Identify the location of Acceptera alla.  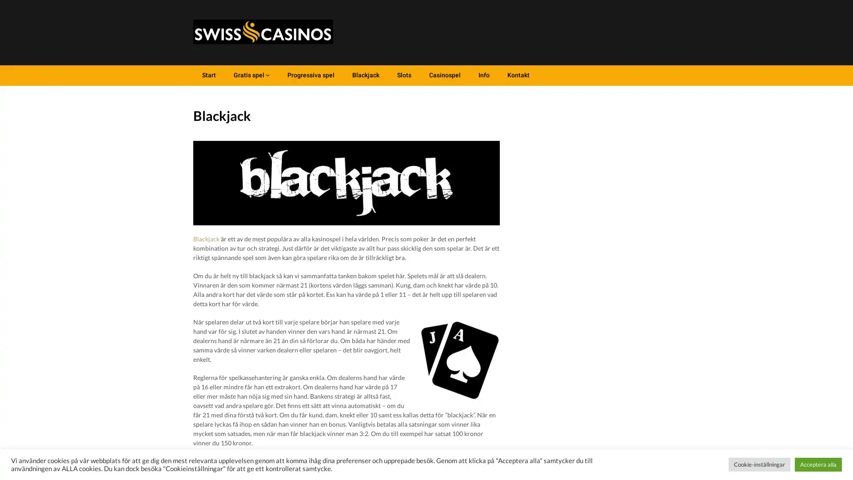
(818, 464).